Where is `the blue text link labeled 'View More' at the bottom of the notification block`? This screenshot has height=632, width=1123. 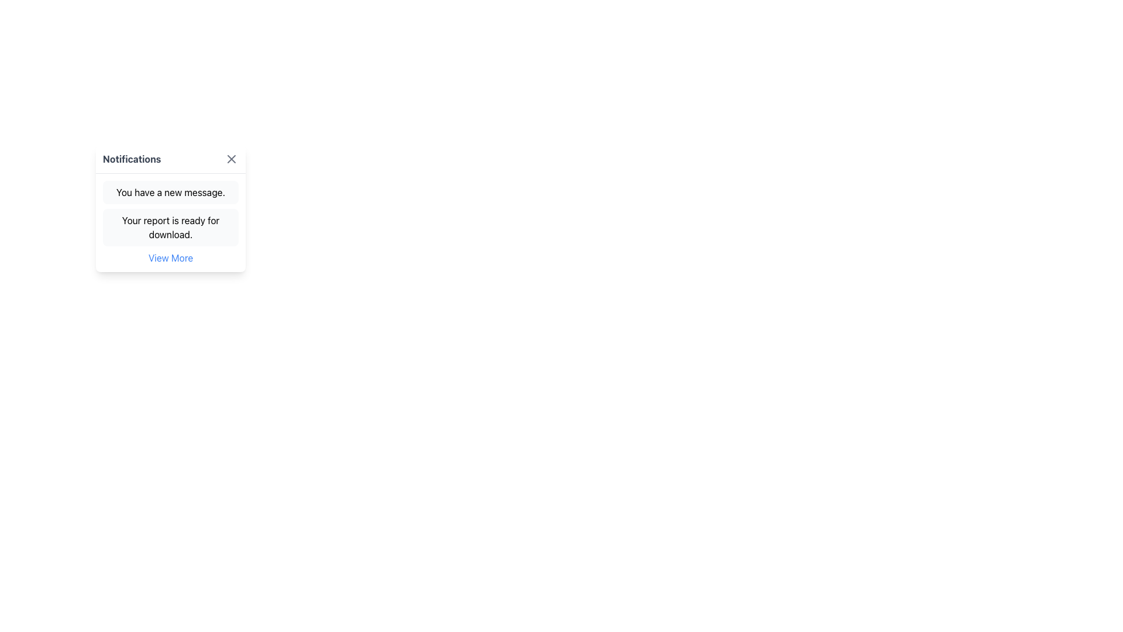 the blue text link labeled 'View More' at the bottom of the notification block is located at coordinates (170, 257).